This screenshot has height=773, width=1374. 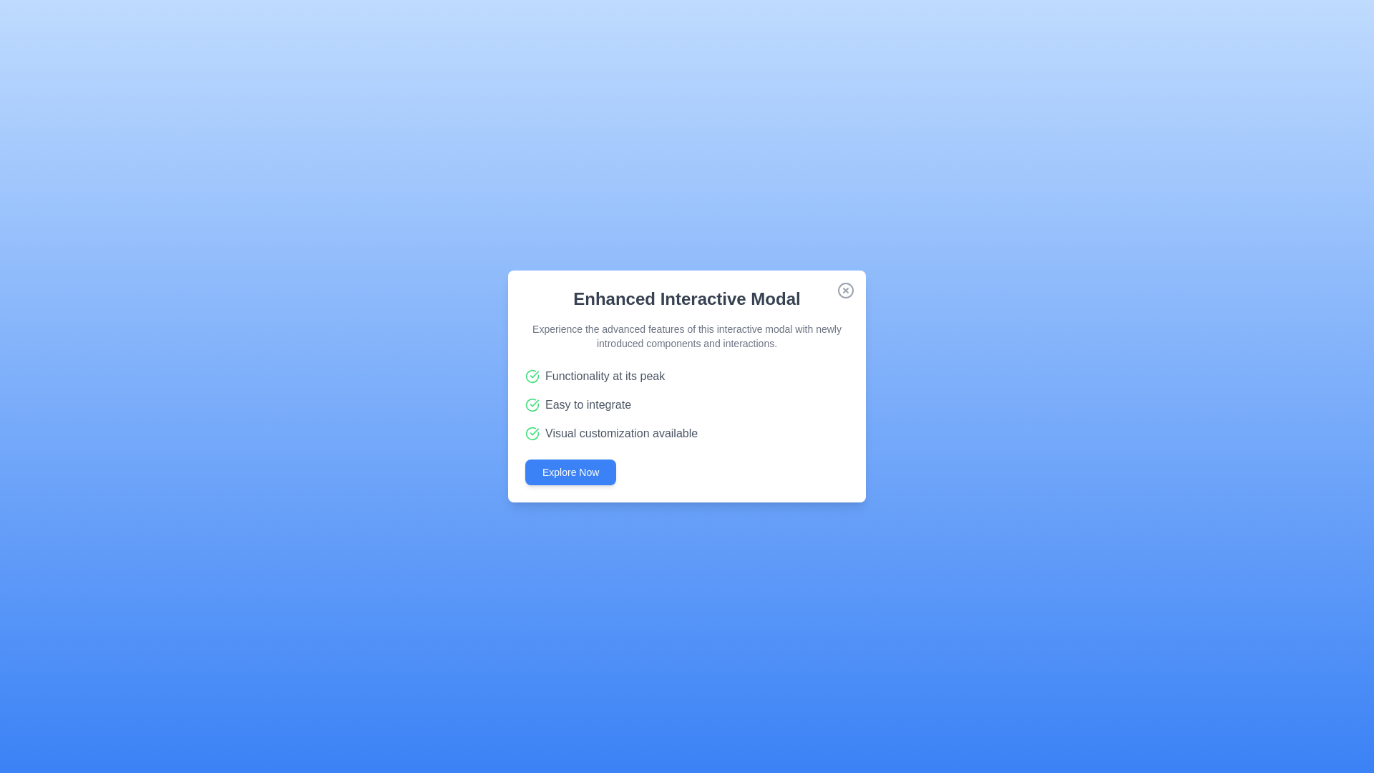 I want to click on the text block that summarizes the features of the interactive modal, styled with a small gray font and located below the title 'Enhanced Interactive Modal.', so click(x=687, y=336).